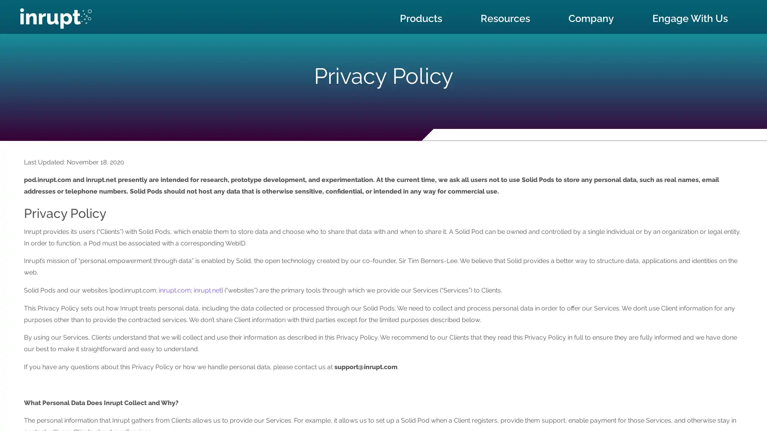 The image size is (767, 431). Describe the element at coordinates (505, 18) in the screenshot. I see `Resources` at that location.